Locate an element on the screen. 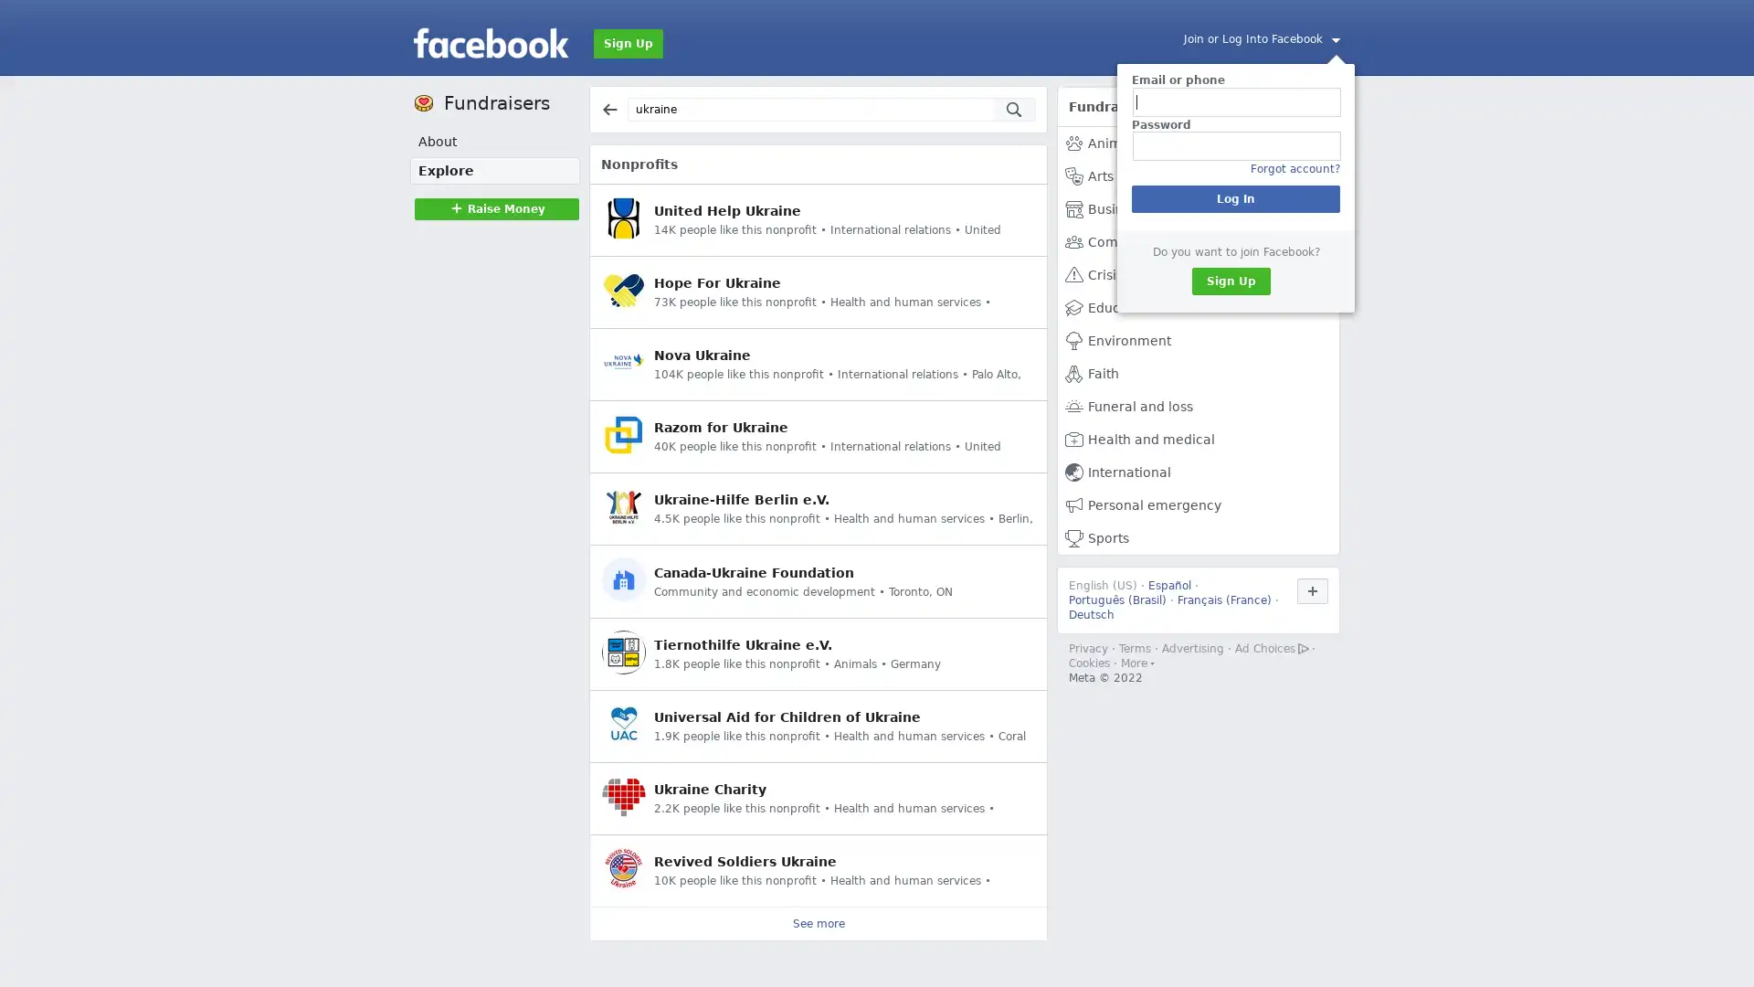 This screenshot has width=1754, height=987. Espanol is located at coordinates (1169, 585).